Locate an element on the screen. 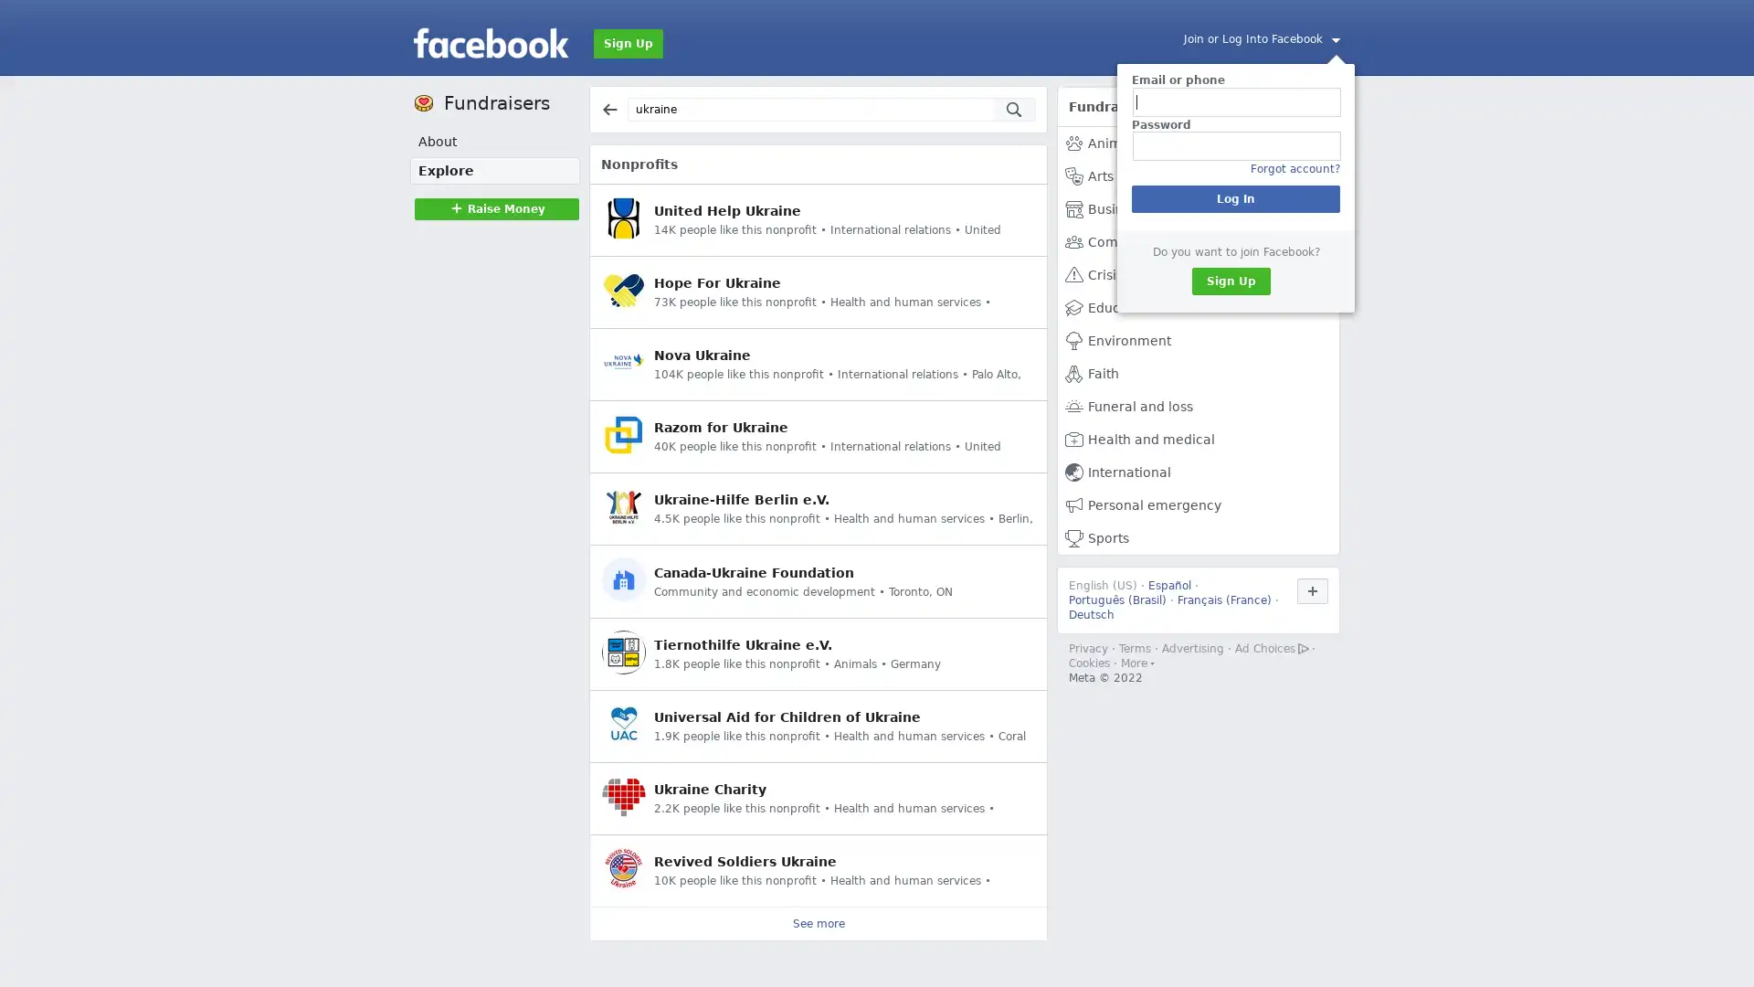 This screenshot has width=1754, height=987. Espanol is located at coordinates (1169, 585).